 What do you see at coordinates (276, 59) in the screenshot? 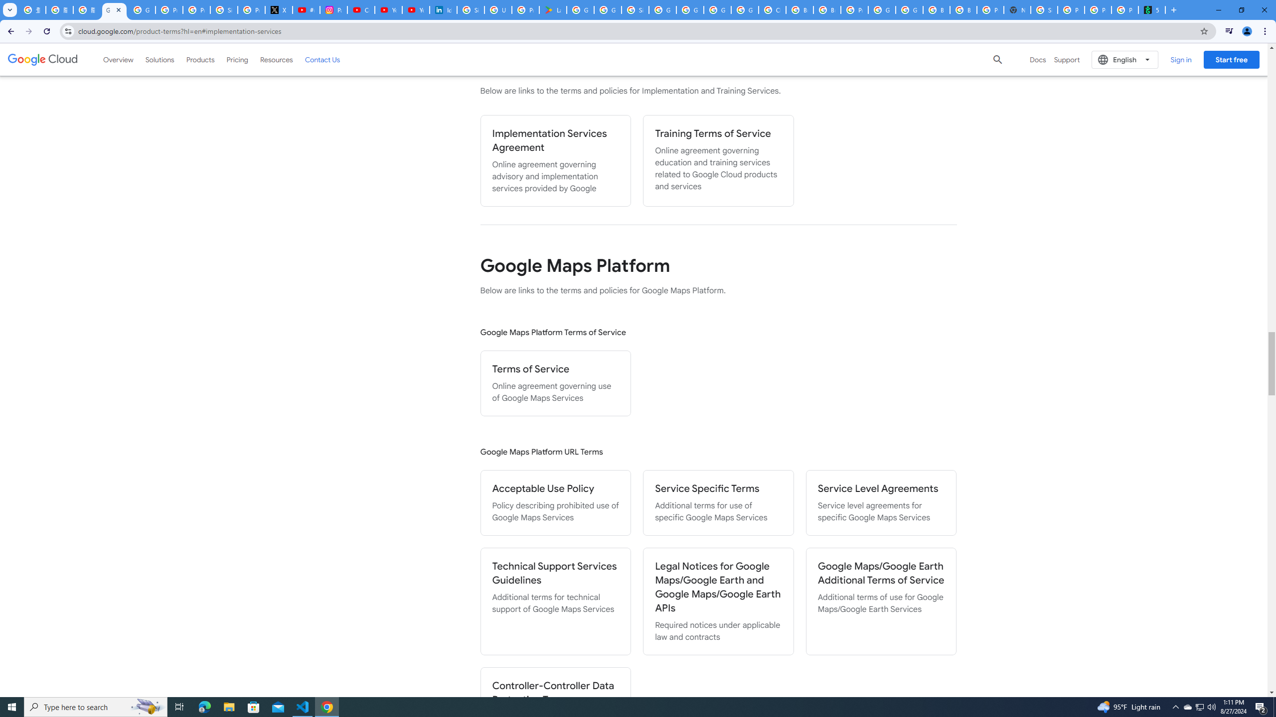
I see `'Resources'` at bounding box center [276, 59].